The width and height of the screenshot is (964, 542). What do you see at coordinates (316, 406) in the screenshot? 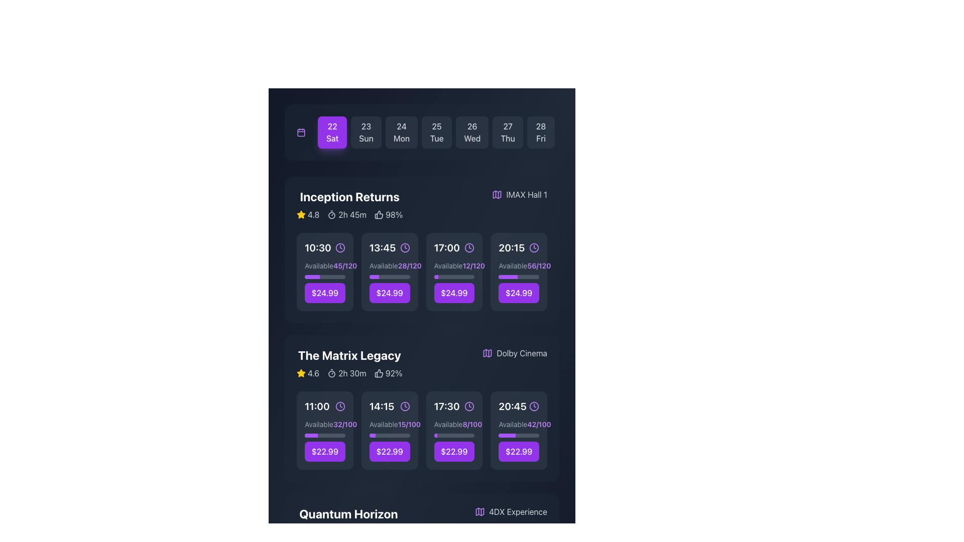
I see `time displayed for the movie 'The Matrix Legacy' at the showtime '11:00', located in the first column of the second row of showtimes` at bounding box center [316, 406].